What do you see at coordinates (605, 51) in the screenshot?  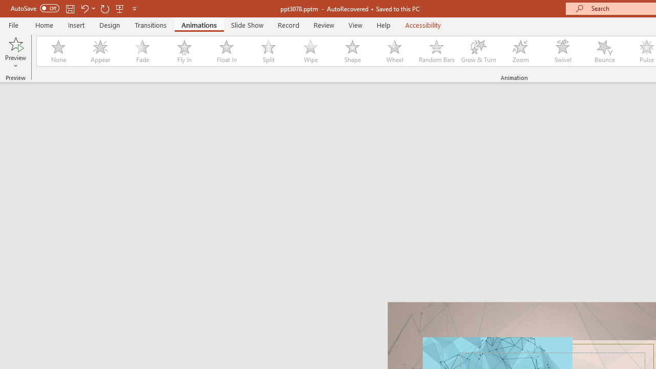 I see `'Bounce'` at bounding box center [605, 51].